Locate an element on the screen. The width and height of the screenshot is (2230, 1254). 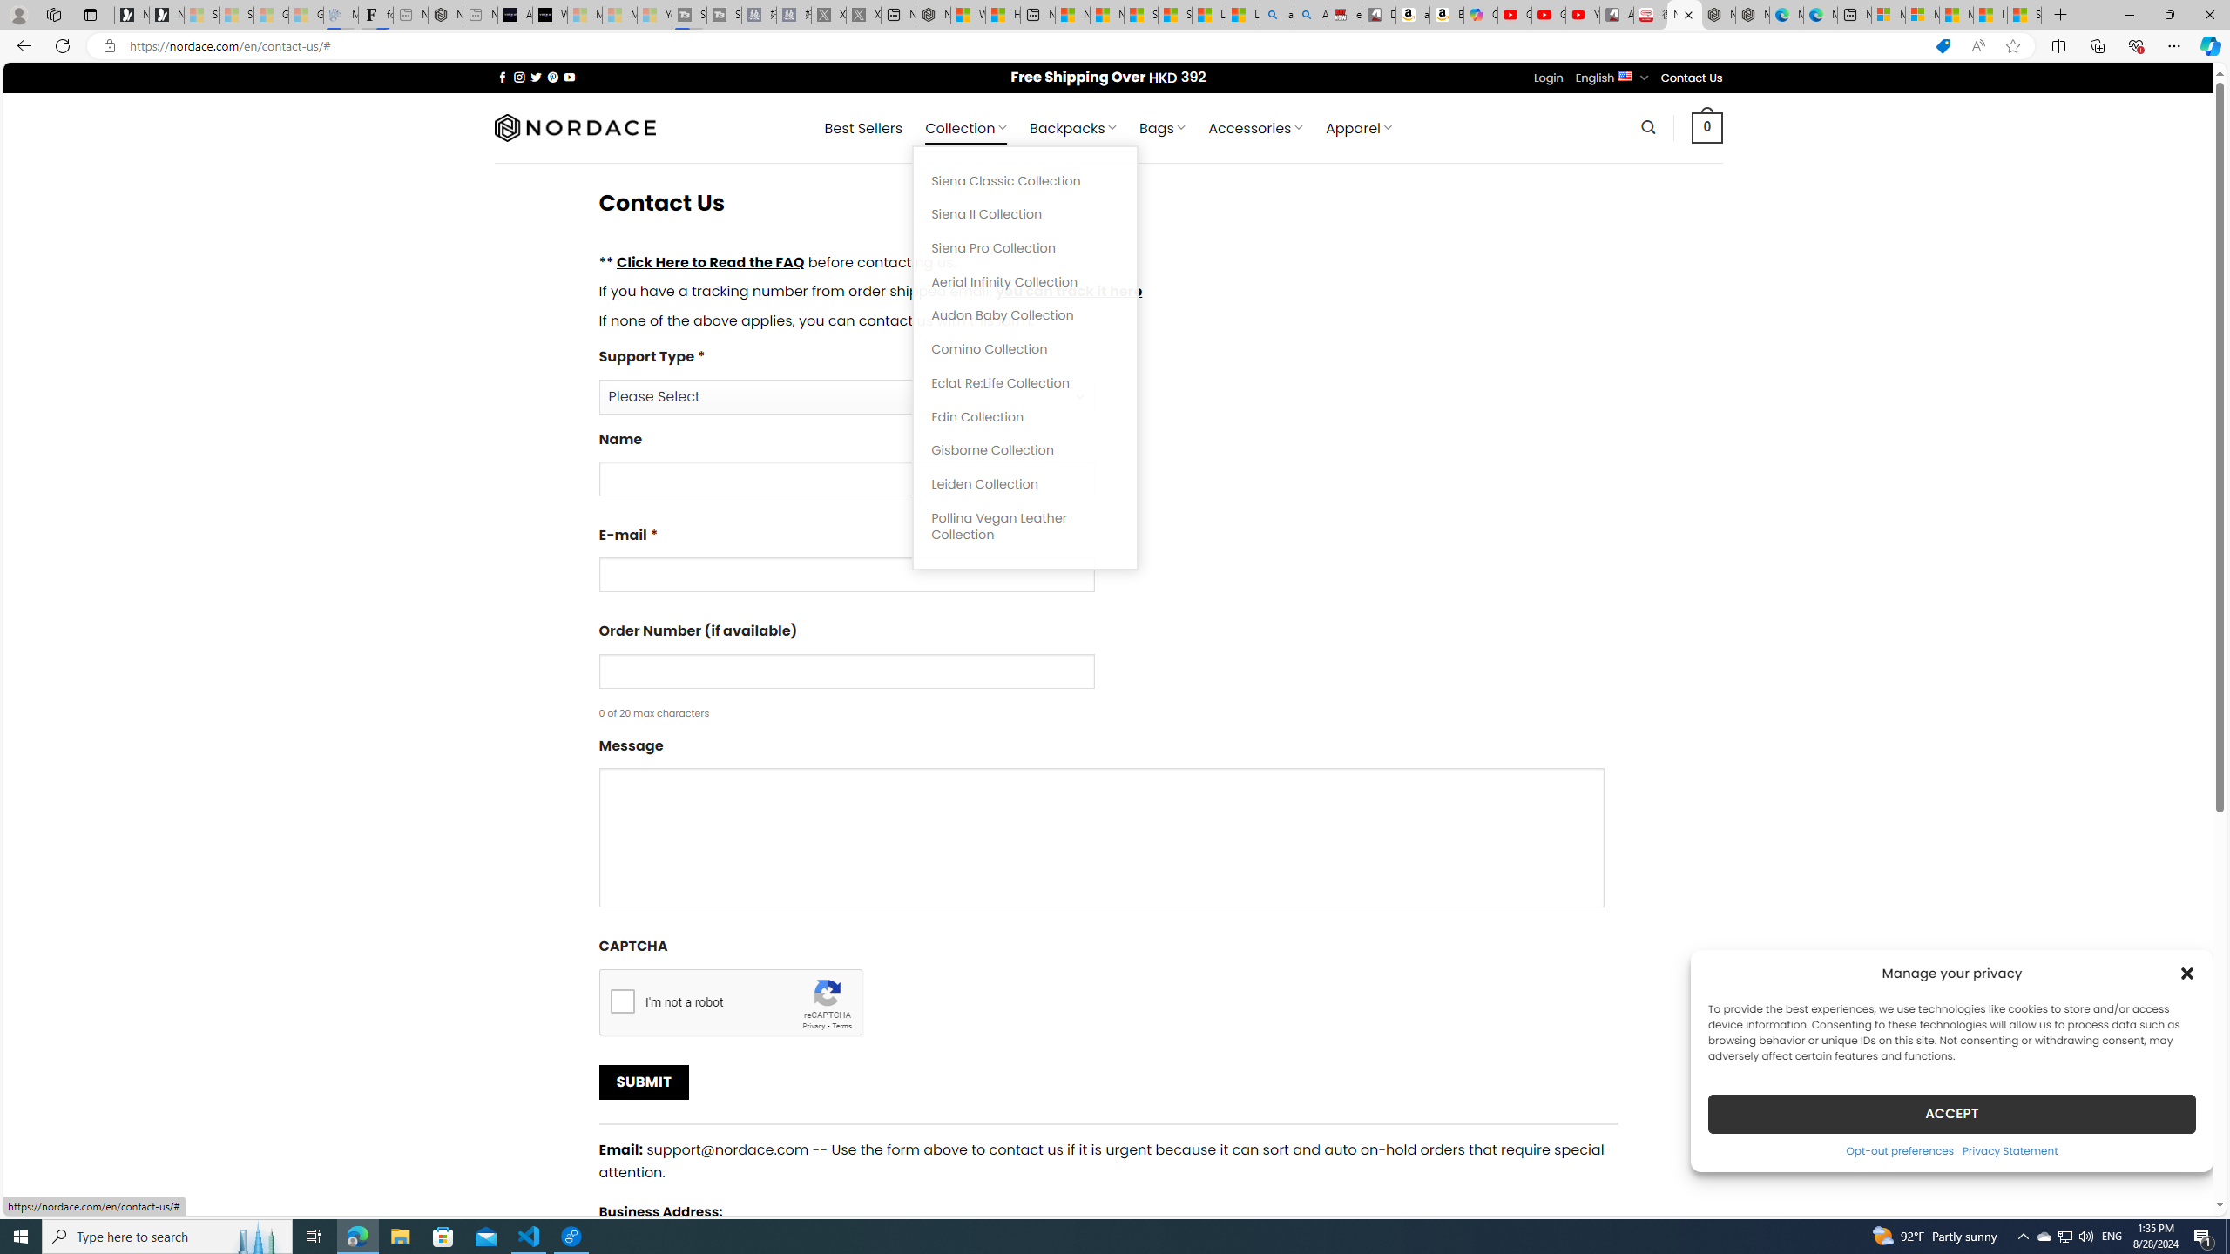
'ACCEPT' is located at coordinates (1952, 1113).